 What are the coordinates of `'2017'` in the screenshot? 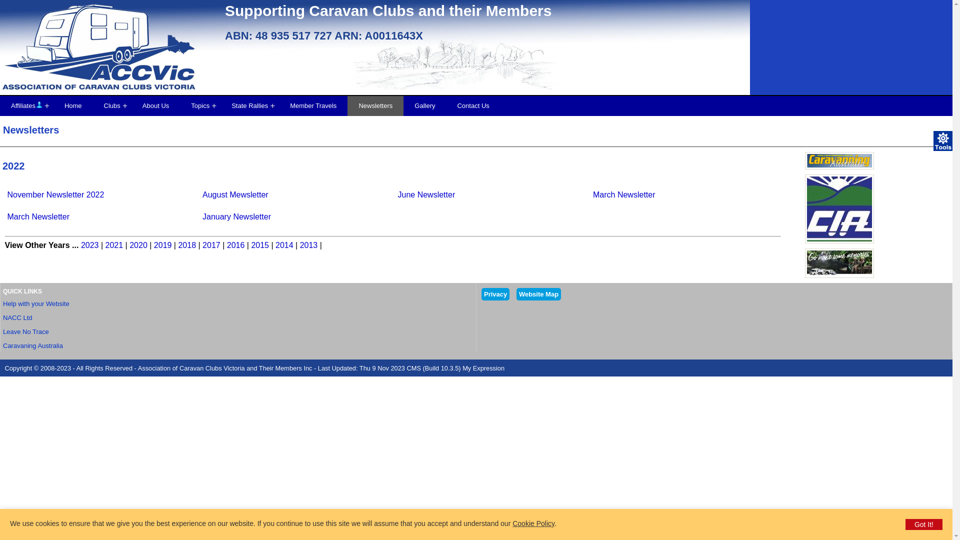 It's located at (210, 245).